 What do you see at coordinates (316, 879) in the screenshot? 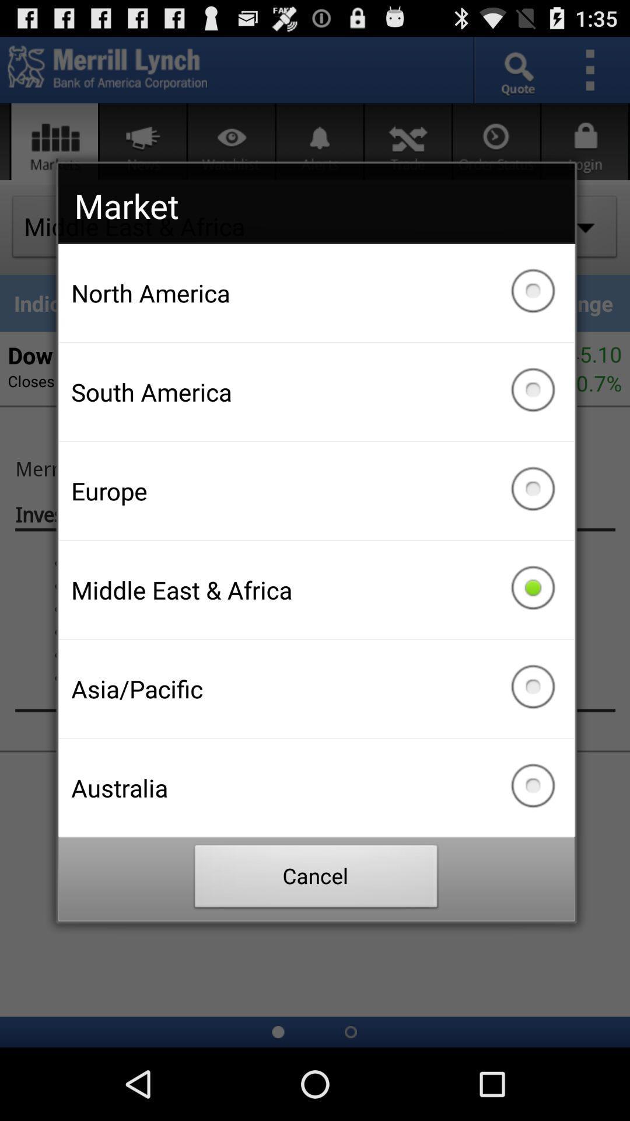
I see `cancel item` at bounding box center [316, 879].